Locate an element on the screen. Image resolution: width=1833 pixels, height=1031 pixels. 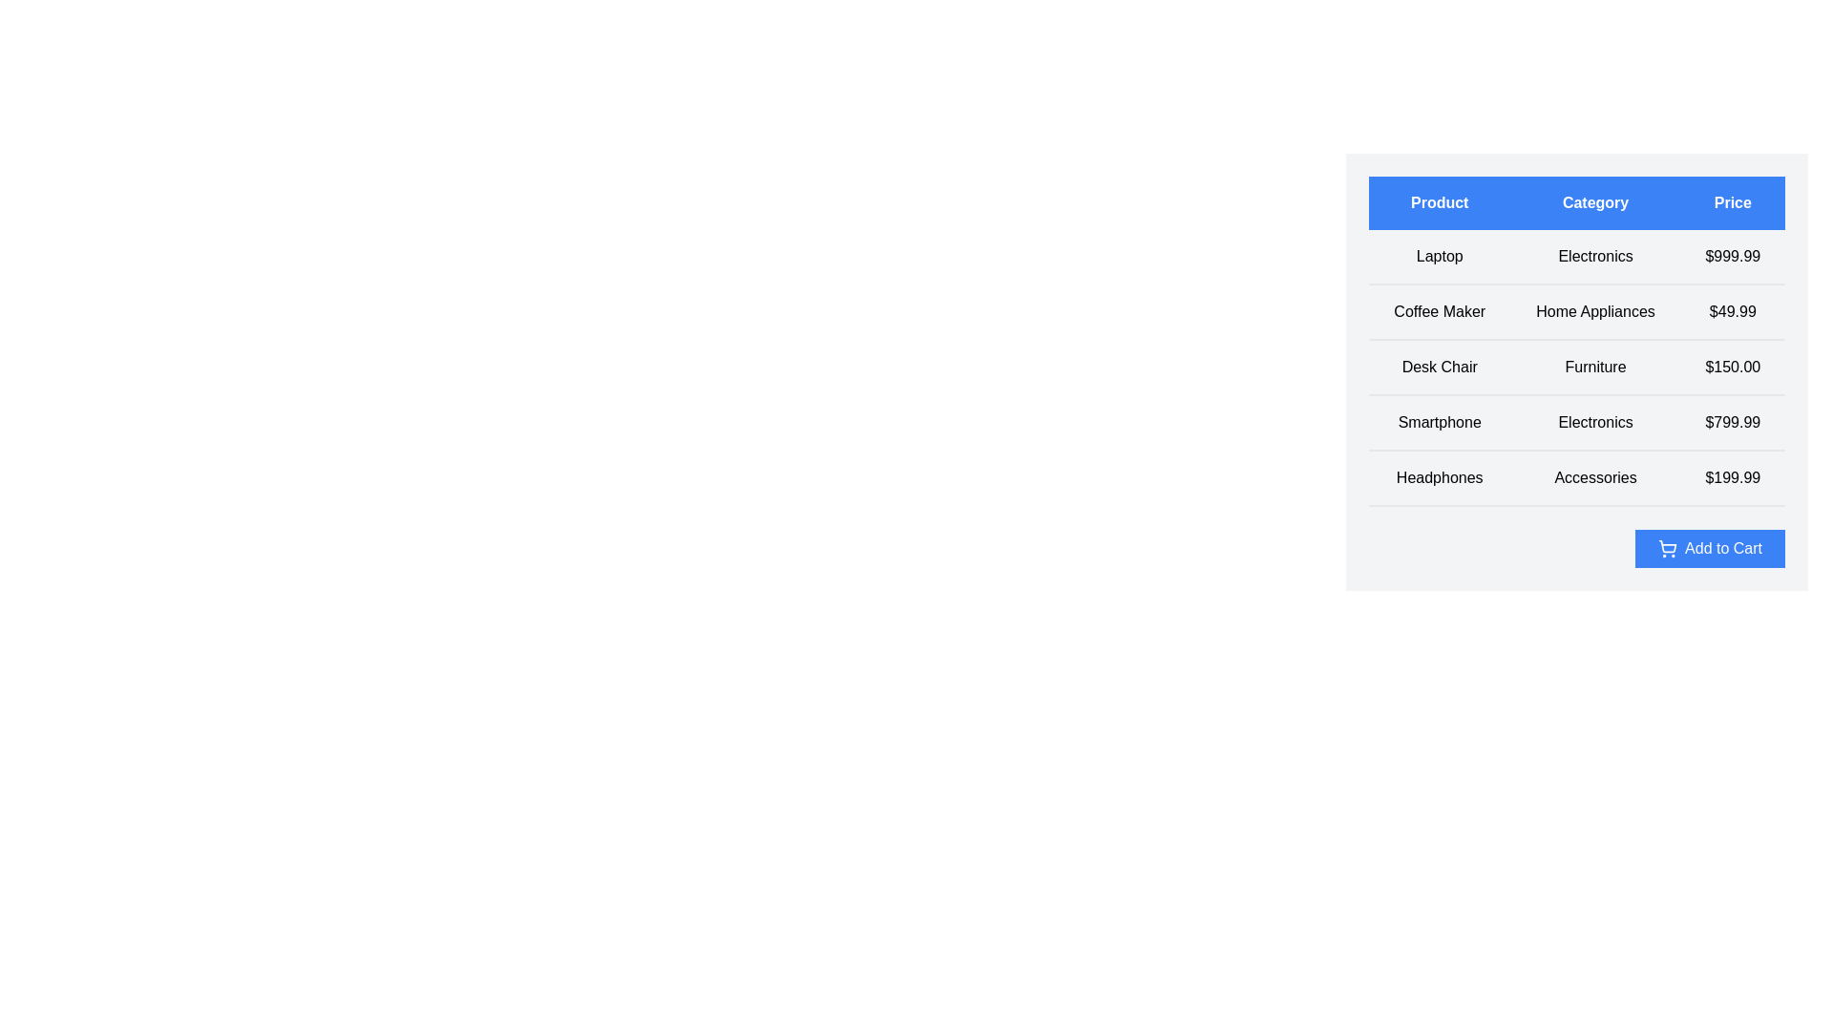
the 'Laptop' text label, which is displayed in medium-sized font in the first column of the product tabular layout, positioned above 'Coffee Maker' is located at coordinates (1440, 256).